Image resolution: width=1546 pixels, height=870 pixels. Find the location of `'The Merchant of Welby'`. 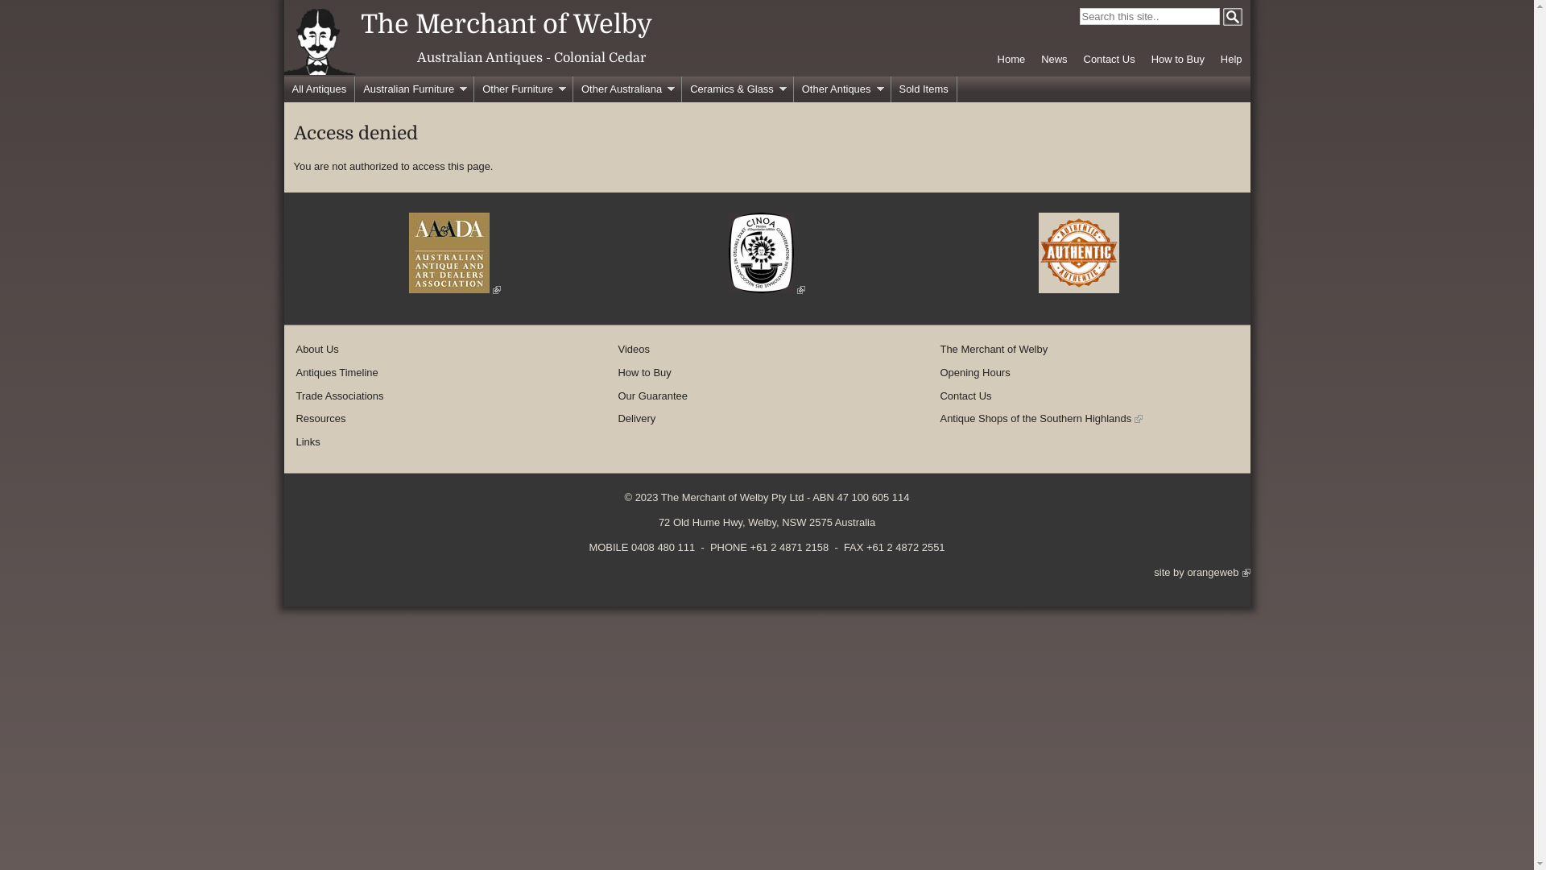

'The Merchant of Welby' is located at coordinates (993, 348).